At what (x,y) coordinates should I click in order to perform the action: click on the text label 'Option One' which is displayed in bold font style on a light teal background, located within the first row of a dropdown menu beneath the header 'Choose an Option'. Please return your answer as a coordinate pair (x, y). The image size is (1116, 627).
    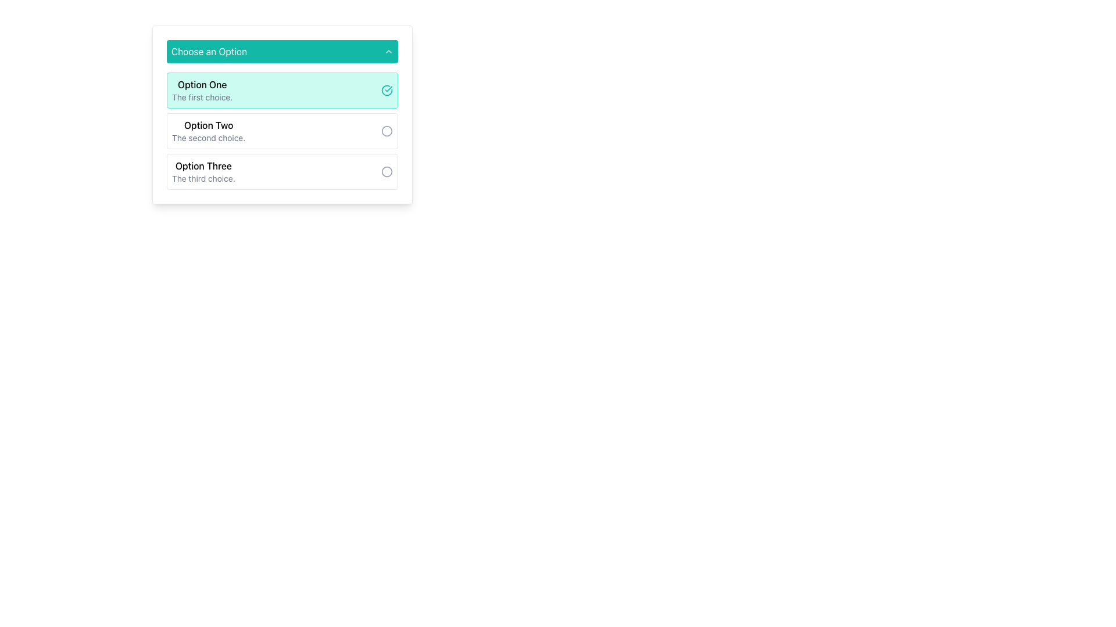
    Looking at the image, I should click on (202, 84).